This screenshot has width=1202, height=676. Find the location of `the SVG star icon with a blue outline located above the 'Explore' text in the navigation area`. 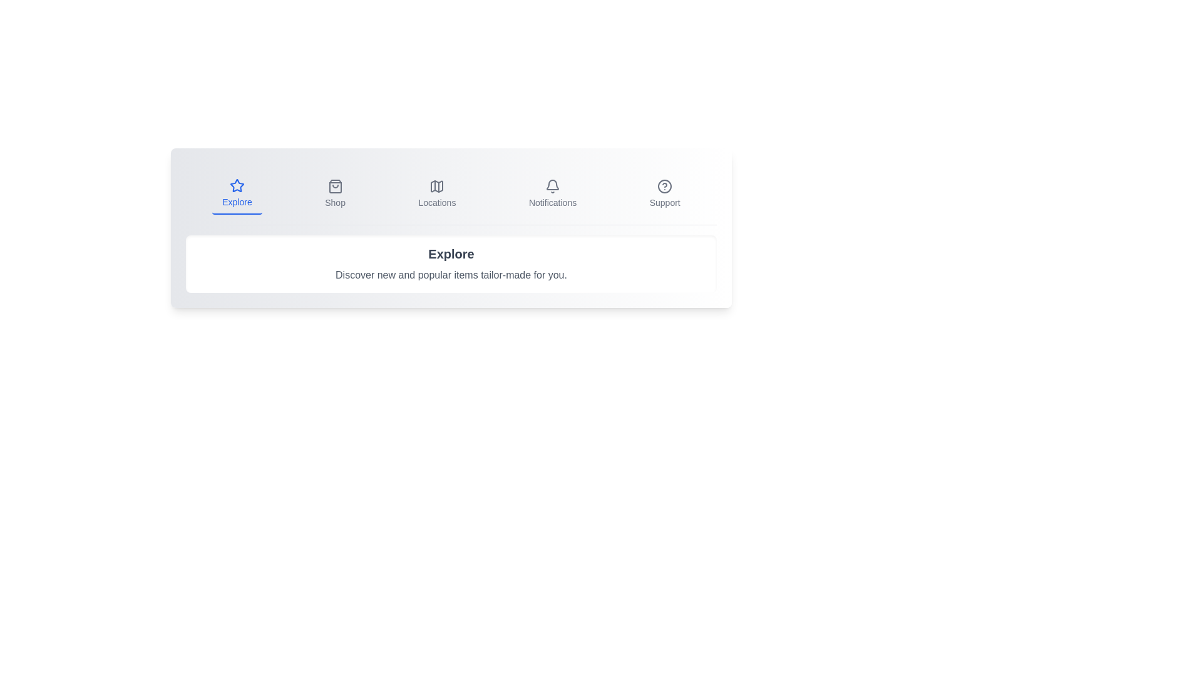

the SVG star icon with a blue outline located above the 'Explore' text in the navigation area is located at coordinates (237, 186).